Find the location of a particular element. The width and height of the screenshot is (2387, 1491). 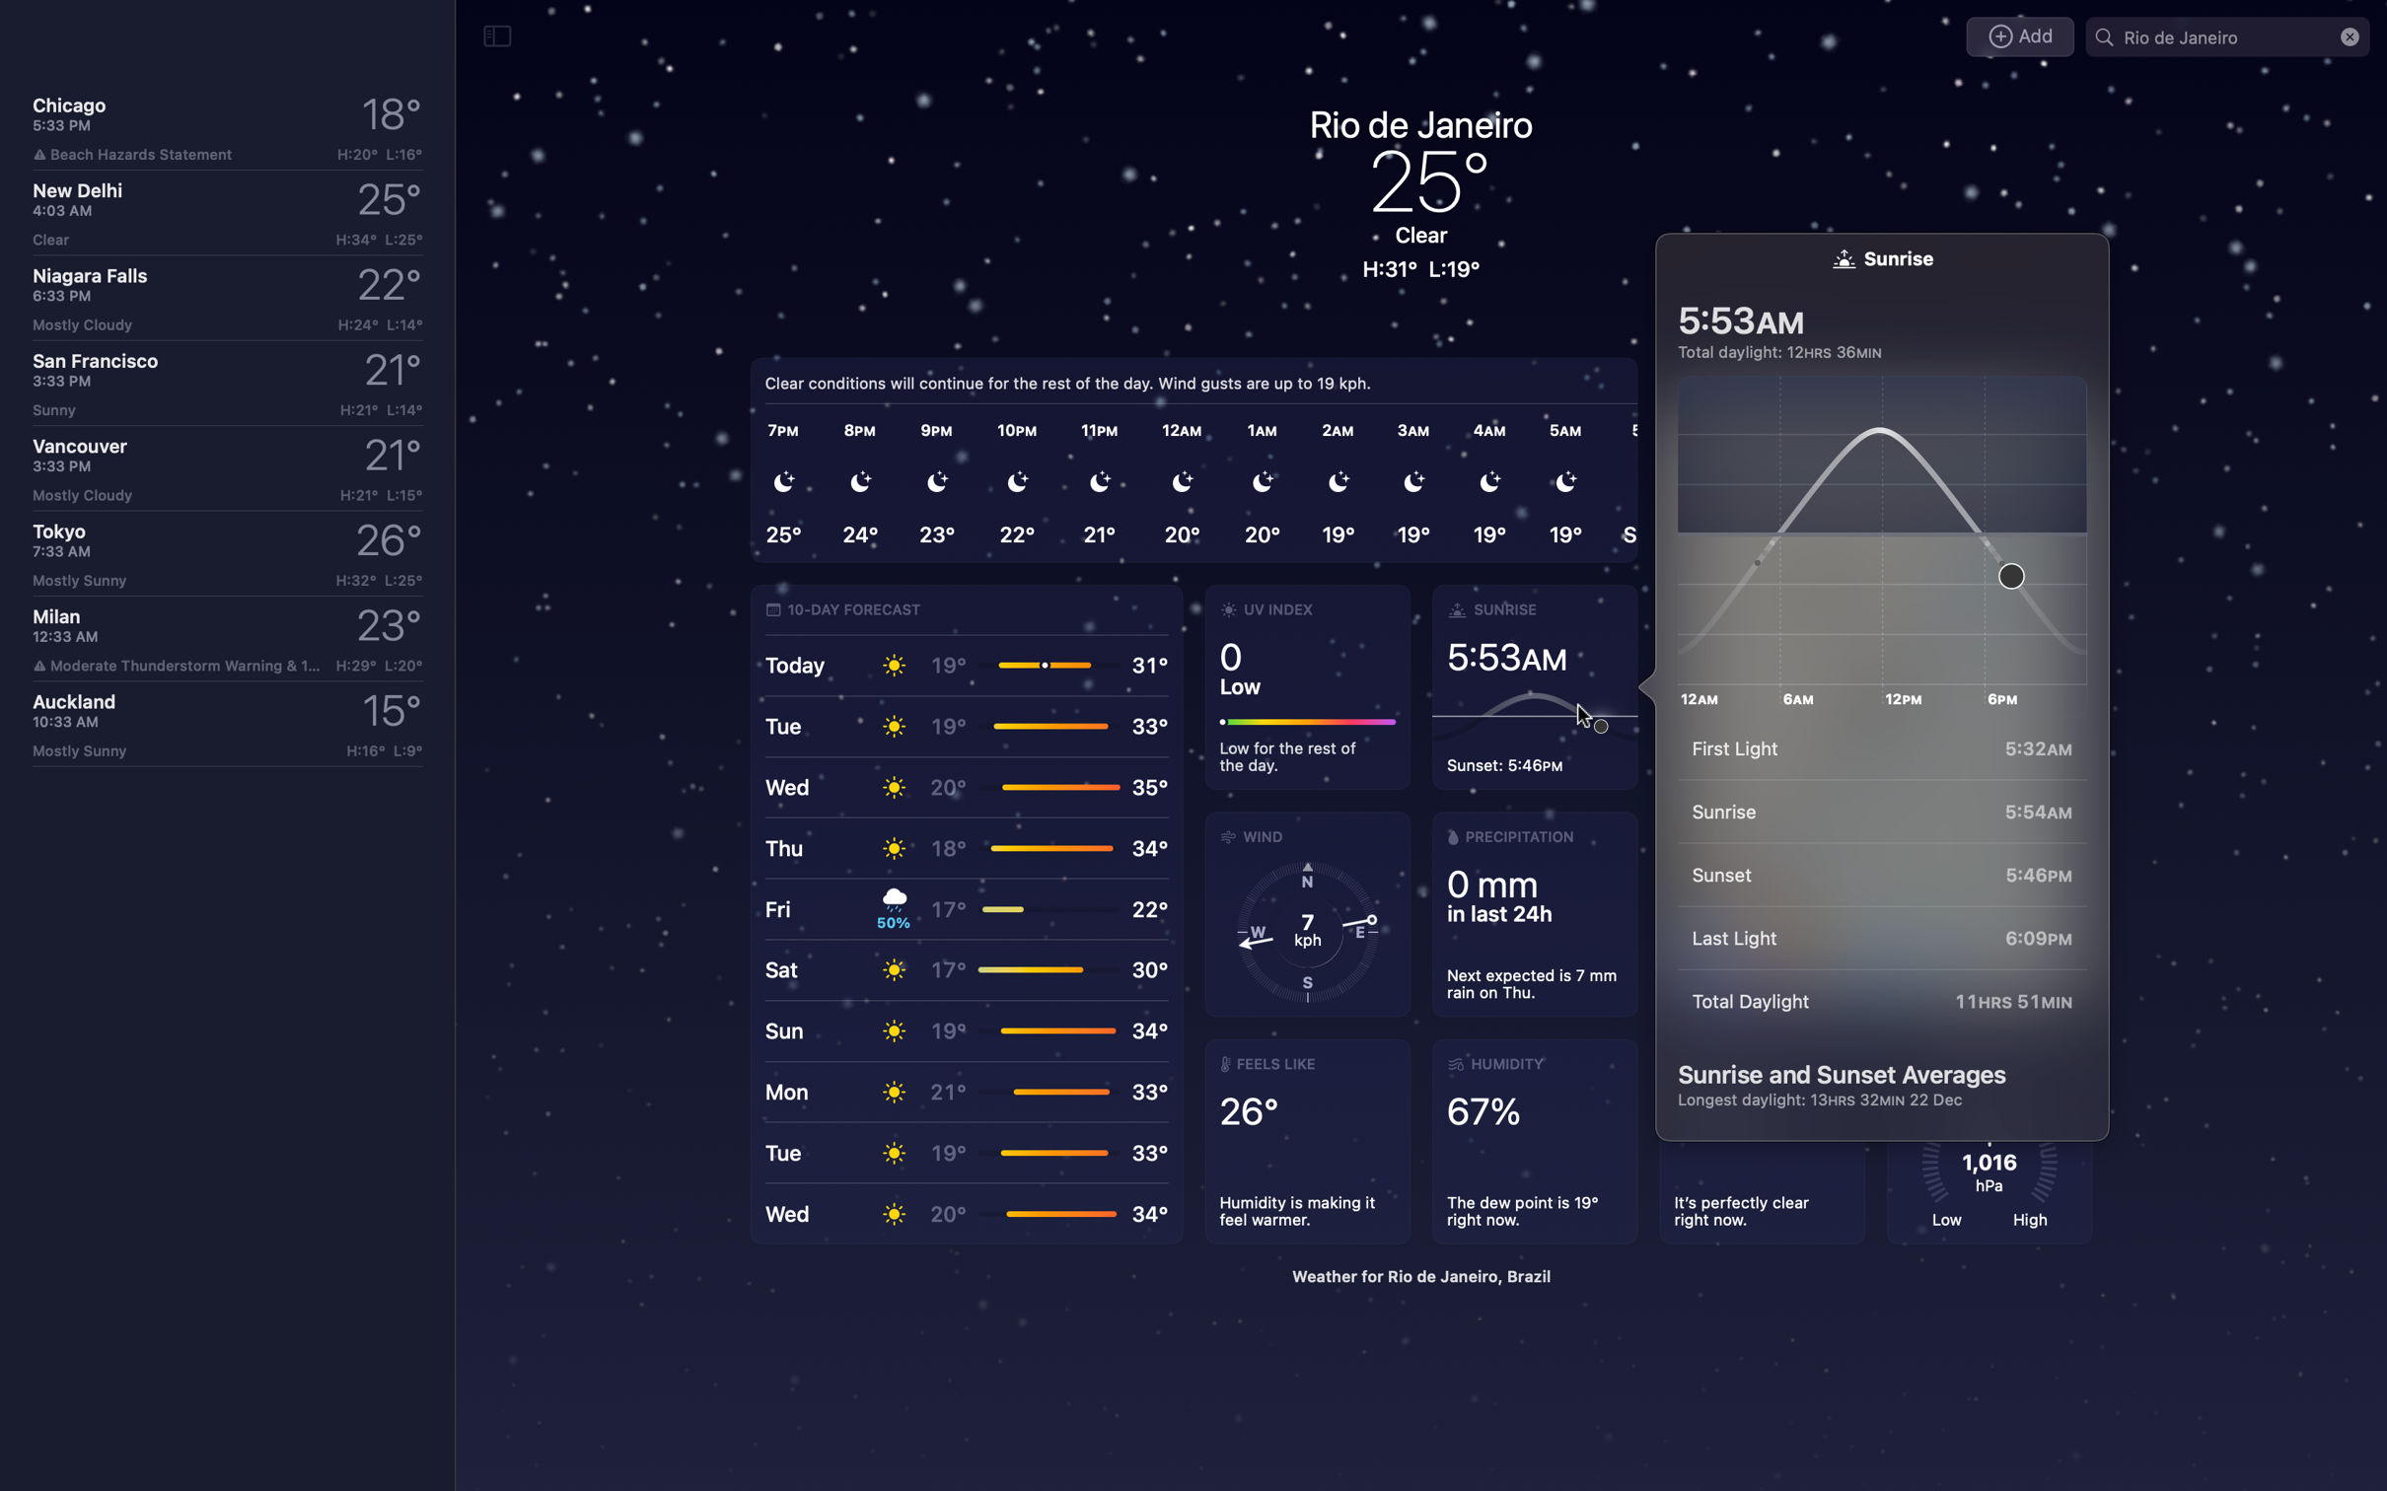

Explore more about precipitation is located at coordinates (1532, 913).